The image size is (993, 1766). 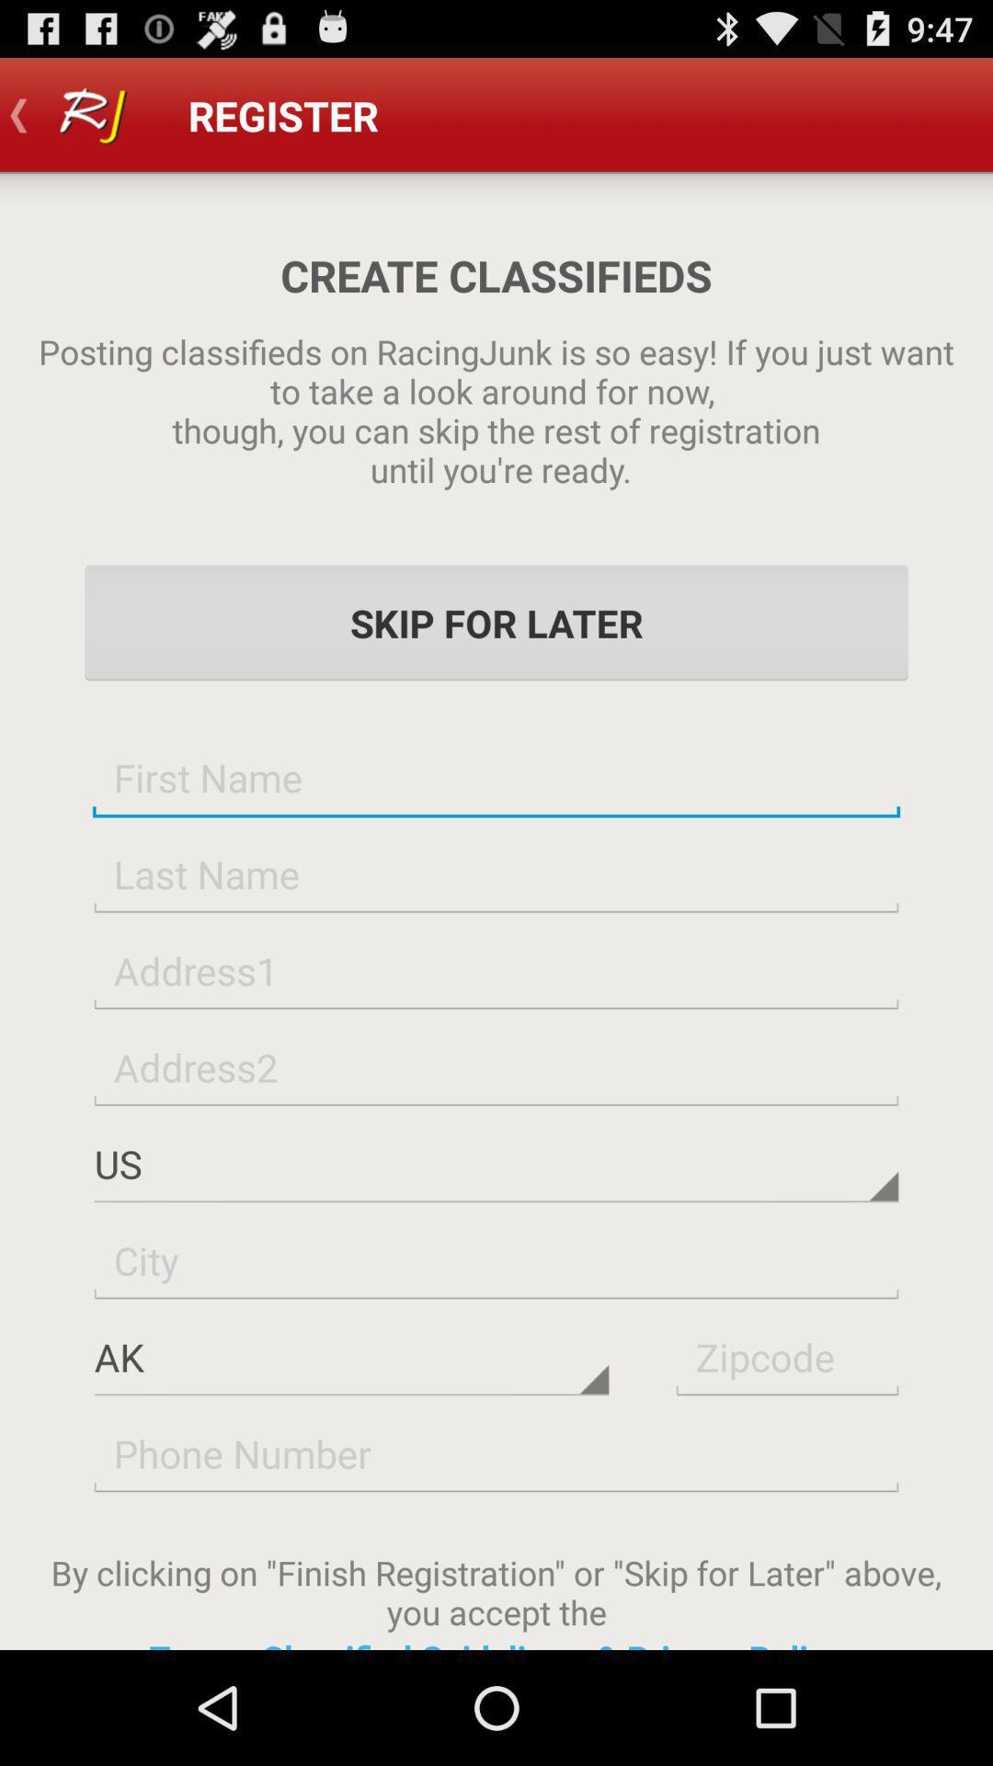 I want to click on last name, so click(x=496, y=873).